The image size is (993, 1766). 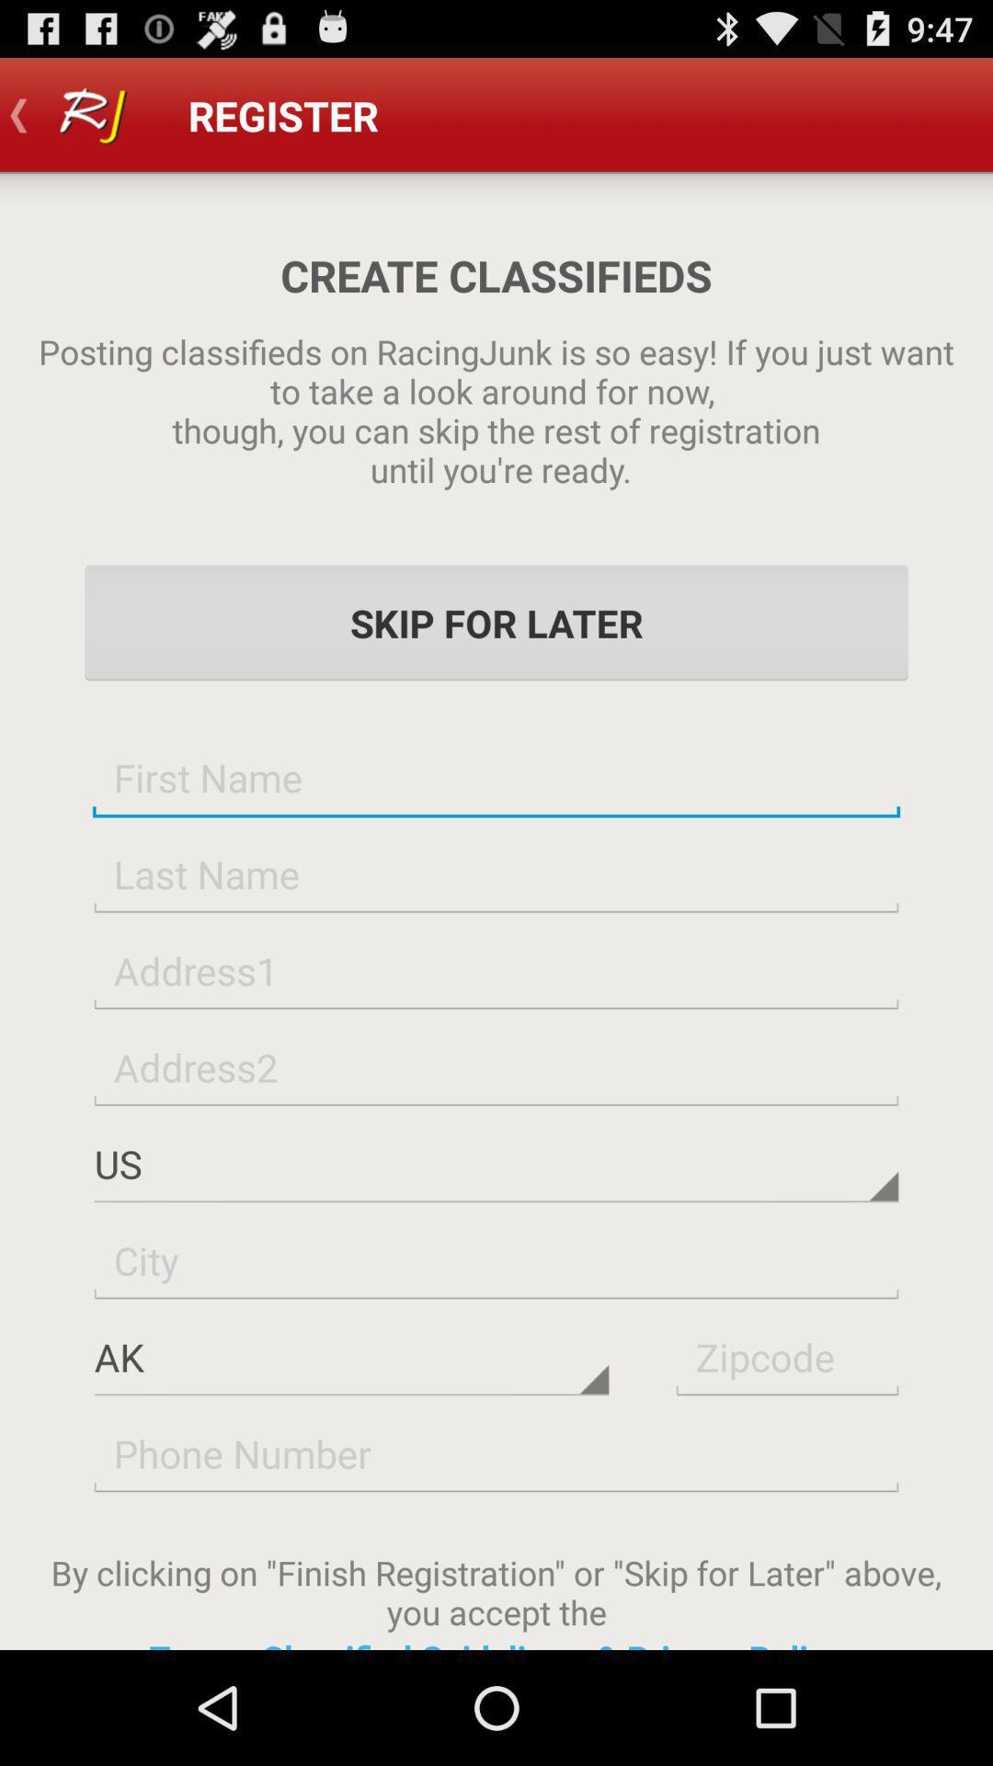 I want to click on last name, so click(x=496, y=873).